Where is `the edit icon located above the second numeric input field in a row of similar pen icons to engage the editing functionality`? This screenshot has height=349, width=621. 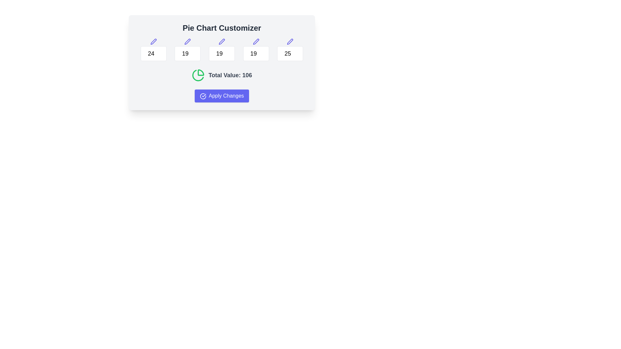 the edit icon located above the second numeric input field in a row of similar pen icons to engage the editing functionality is located at coordinates (187, 41).